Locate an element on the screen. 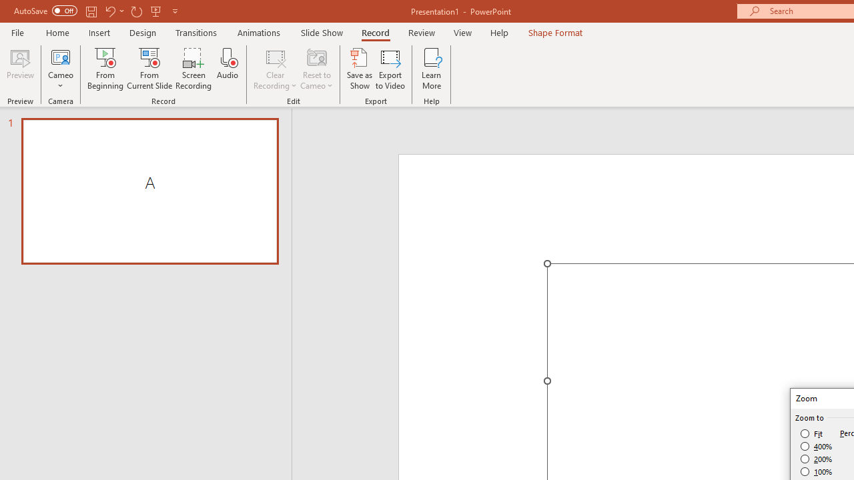 The height and width of the screenshot is (480, 854). '200%' is located at coordinates (816, 459).